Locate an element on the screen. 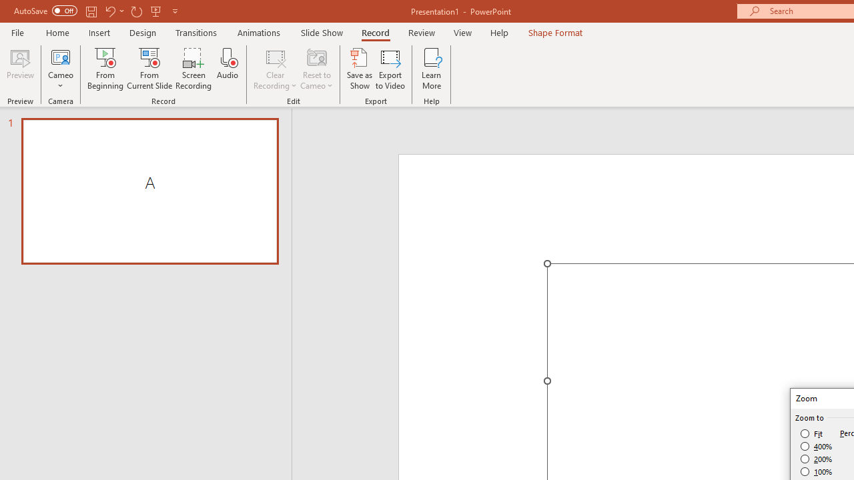 The height and width of the screenshot is (480, 854). '200%' is located at coordinates (816, 459).